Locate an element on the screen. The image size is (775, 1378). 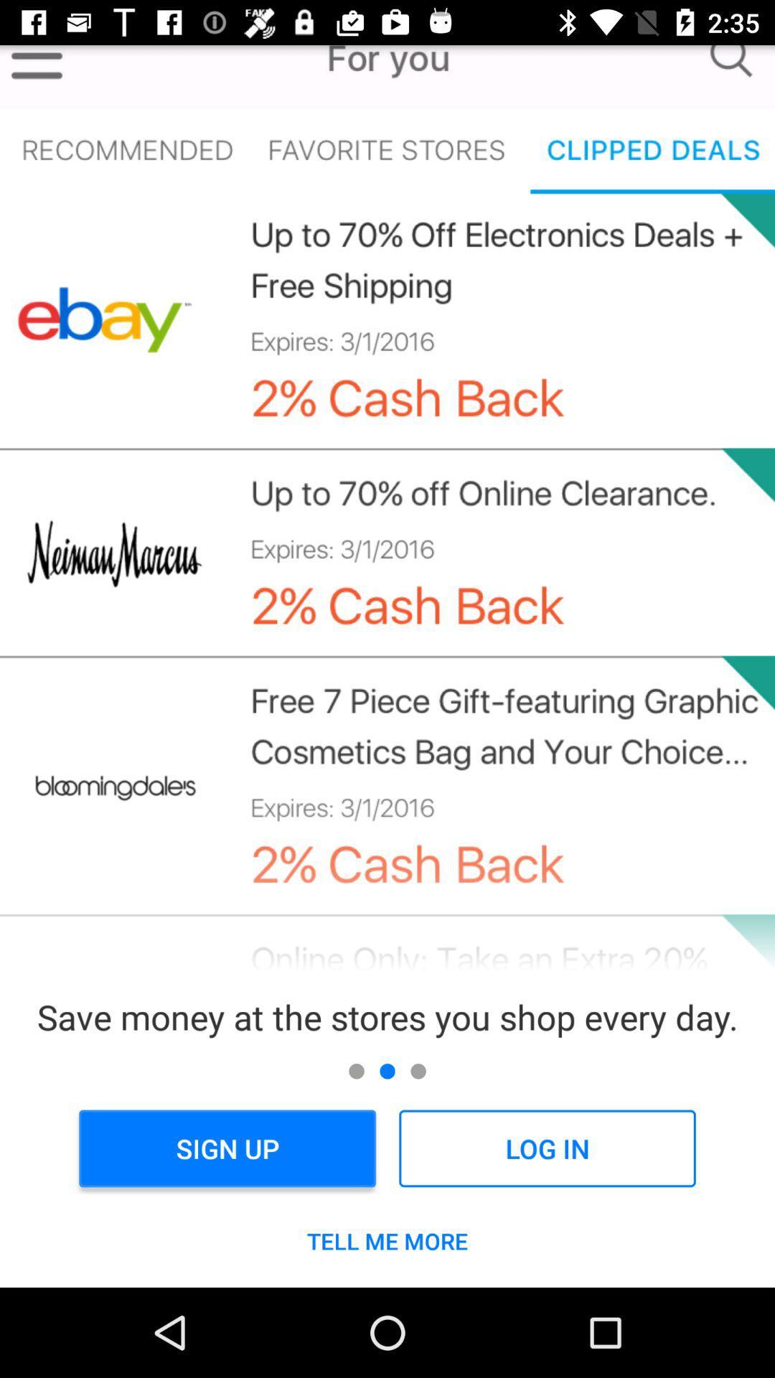
tell me more is located at coordinates (387, 1240).